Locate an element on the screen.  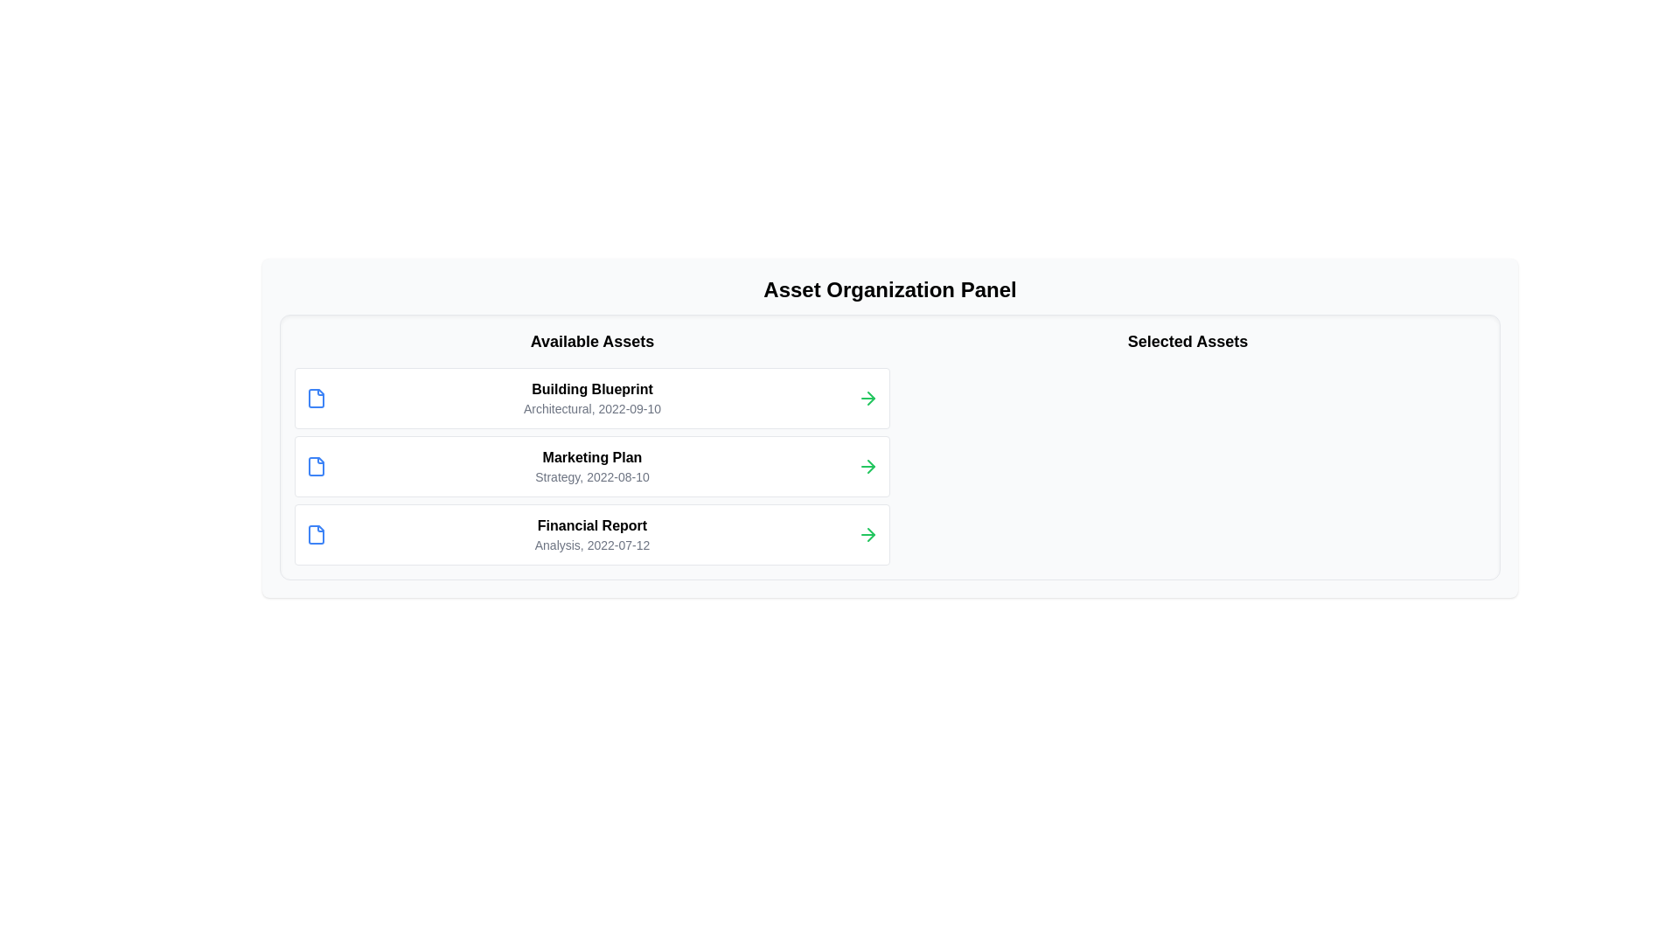
the text block that serves as the title and description of an asset entry in the 'Available Assets' list, which is the third item in the vertical list is located at coordinates (592, 534).